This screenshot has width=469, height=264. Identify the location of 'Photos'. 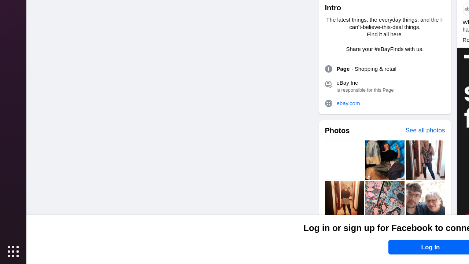
(337, 130).